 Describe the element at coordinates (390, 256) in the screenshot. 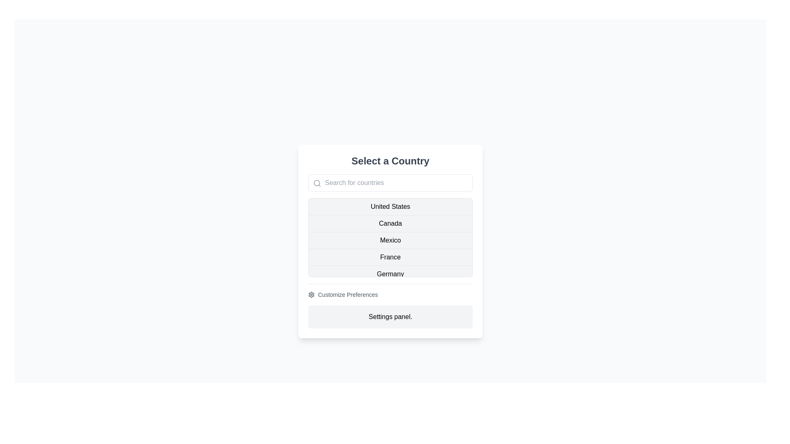

I see `the fourth option in the dropdown list that allows the selection of the country 'France.'` at that location.